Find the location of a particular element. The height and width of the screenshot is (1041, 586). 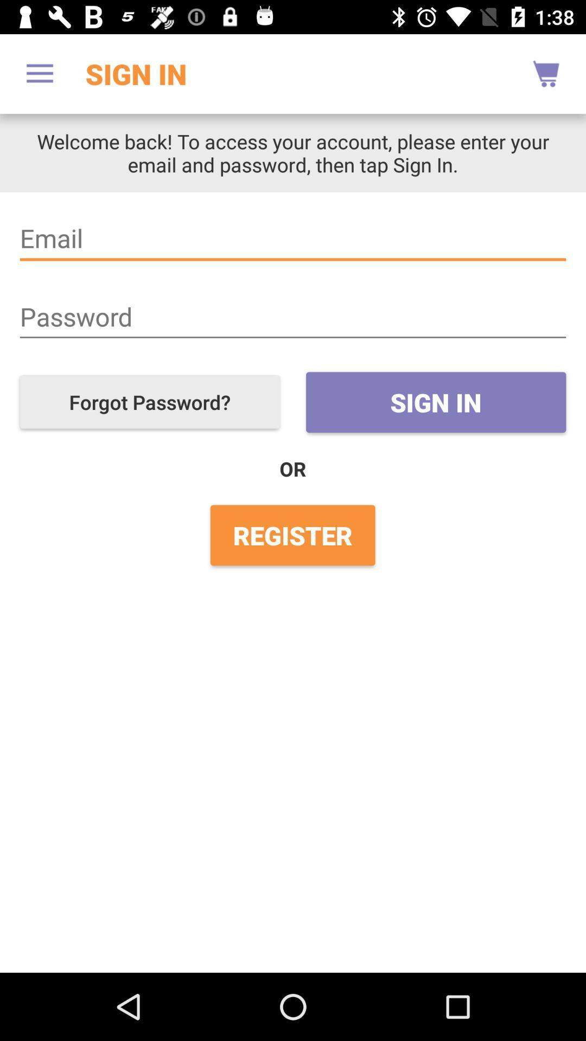

the icon to the left of sign in item is located at coordinates (39, 73).